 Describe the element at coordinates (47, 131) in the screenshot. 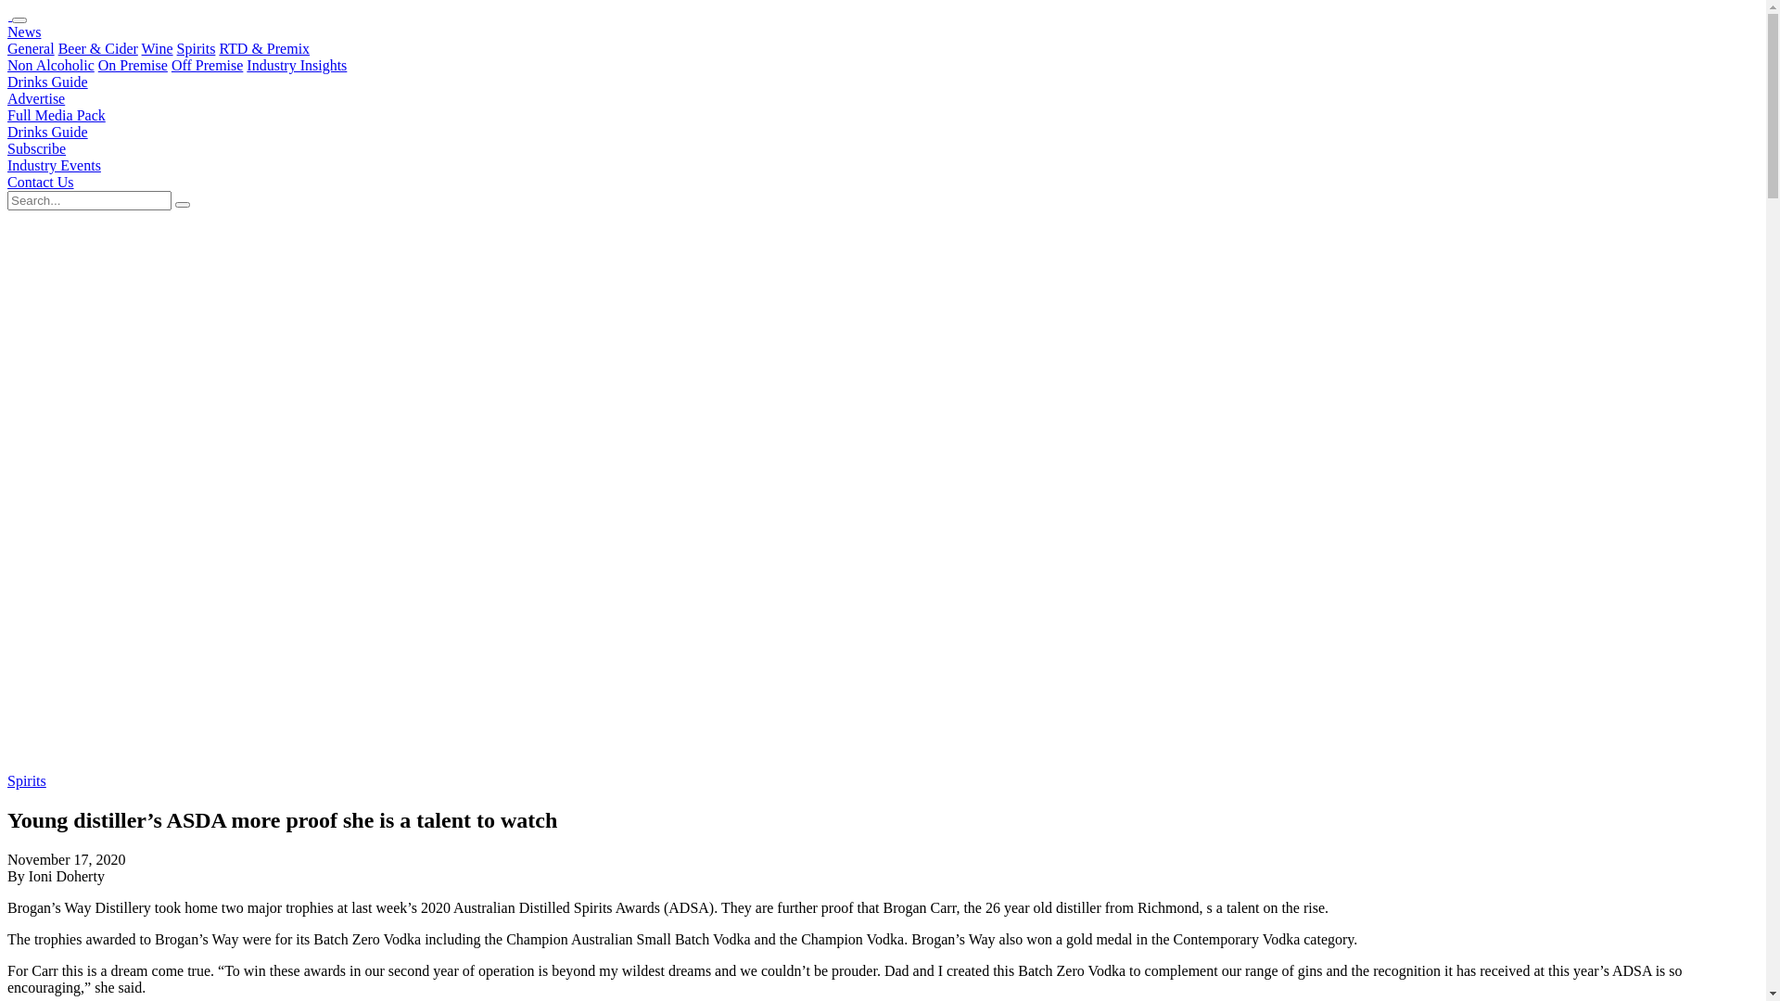

I see `'Drinks Guide'` at that location.